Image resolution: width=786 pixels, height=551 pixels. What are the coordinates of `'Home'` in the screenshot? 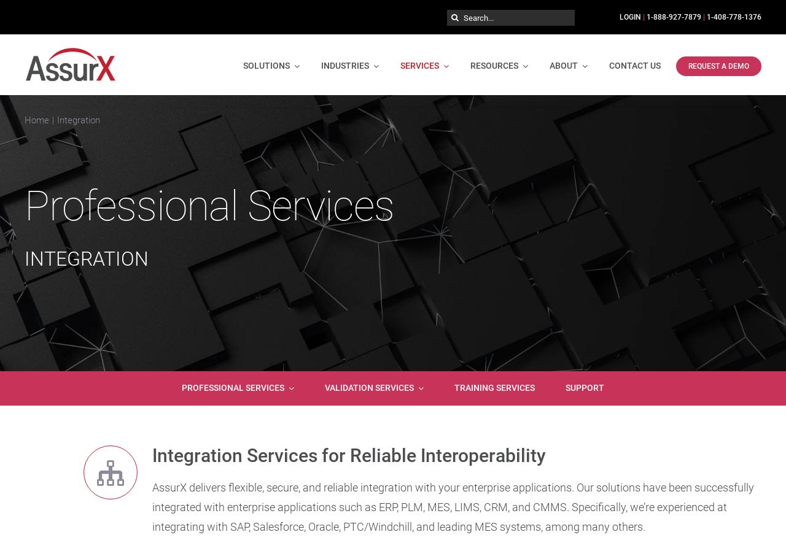 It's located at (36, 118).